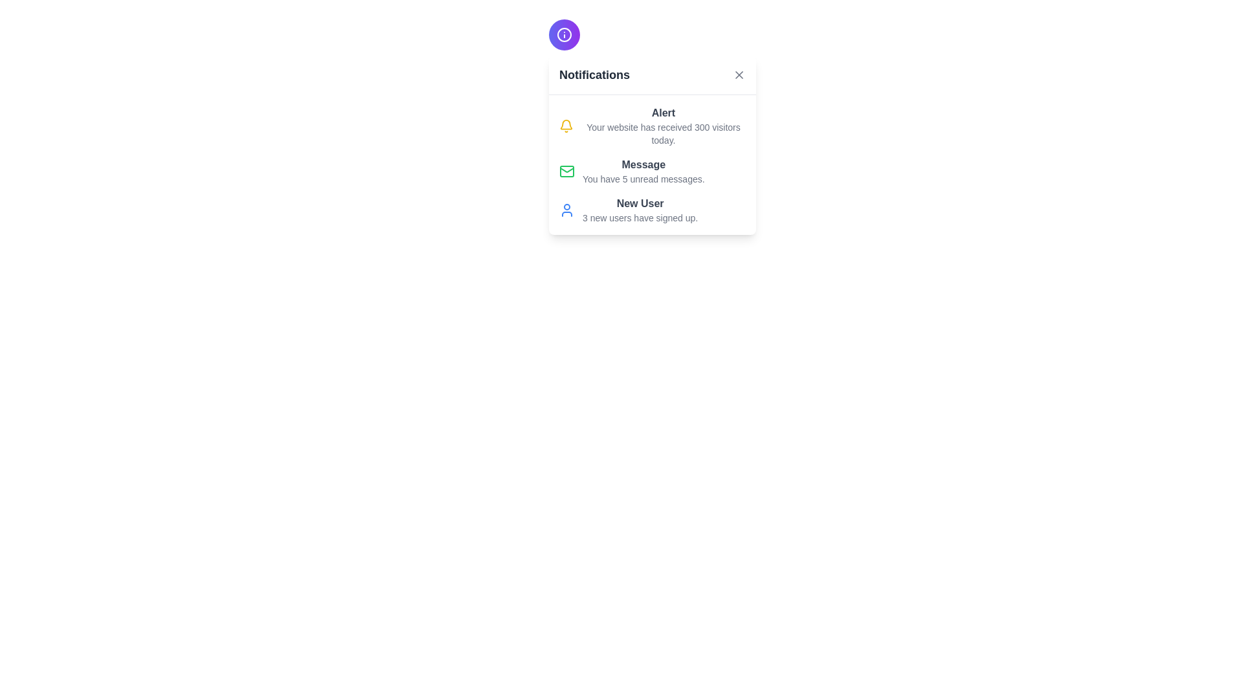  Describe the element at coordinates (663, 112) in the screenshot. I see `the 'Alert' text label, which is a bold, gray-colored sans-serif text prominently displayed at the top of a notification card` at that location.